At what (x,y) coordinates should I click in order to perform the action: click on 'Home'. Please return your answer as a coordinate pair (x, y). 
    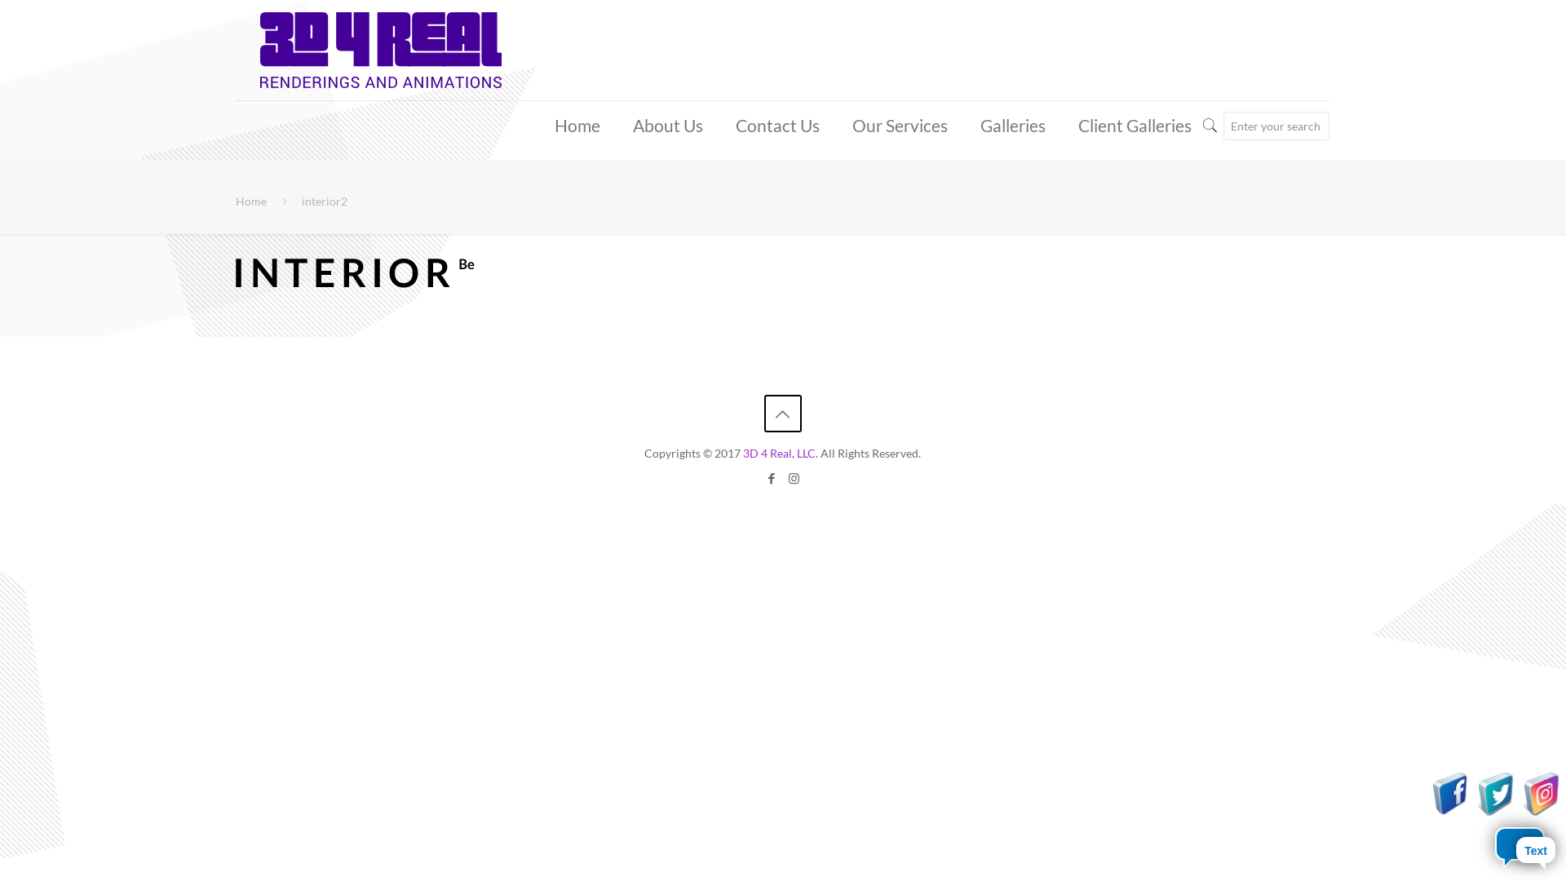
    Looking at the image, I should click on (250, 200).